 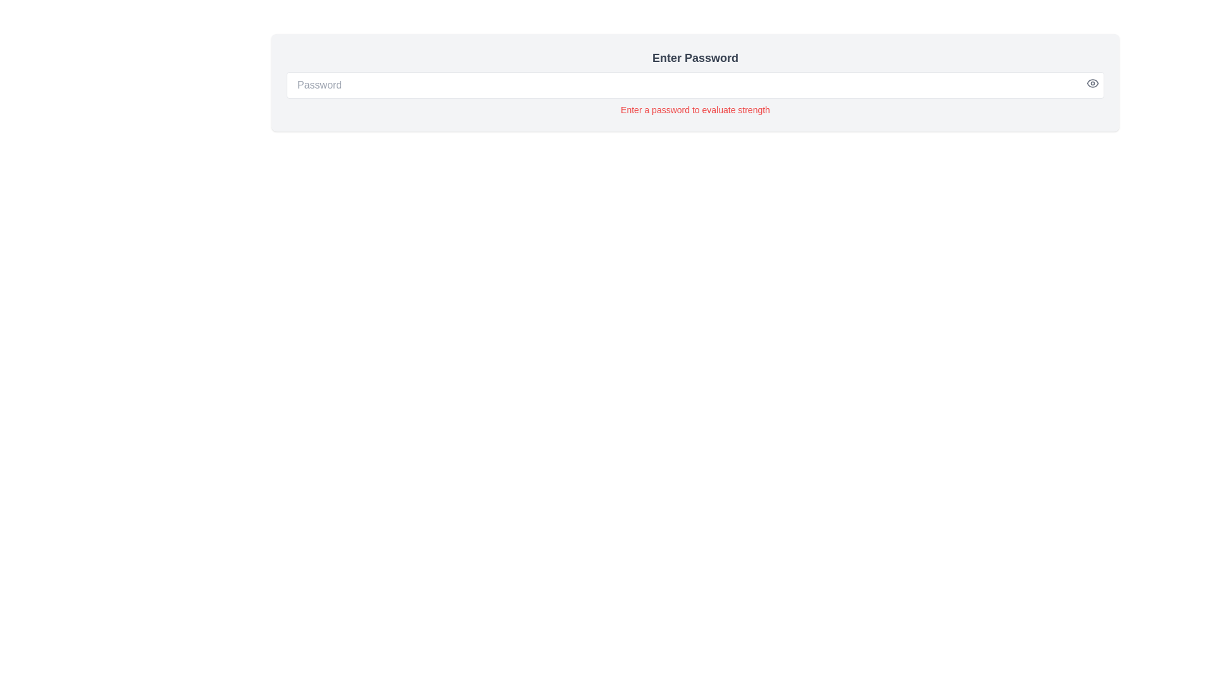 What do you see at coordinates (695, 58) in the screenshot?
I see `the Text Label that indicates the associated password input field, which is positioned at the top of a light-gray box with rounded corners` at bounding box center [695, 58].